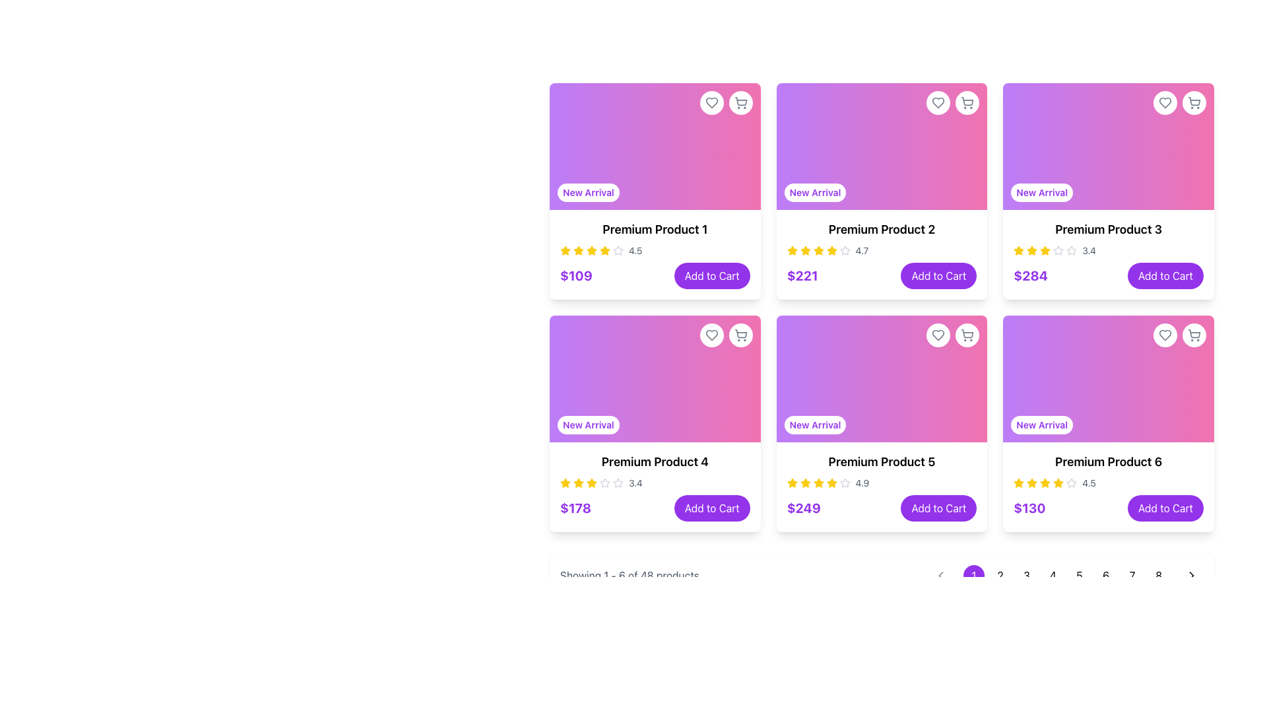 This screenshot has width=1267, height=713. What do you see at coordinates (814, 425) in the screenshot?
I see `the 'New Arrival' label with rounded corners and bold, purple font located in the bottom-left corner of the fifth product card` at bounding box center [814, 425].